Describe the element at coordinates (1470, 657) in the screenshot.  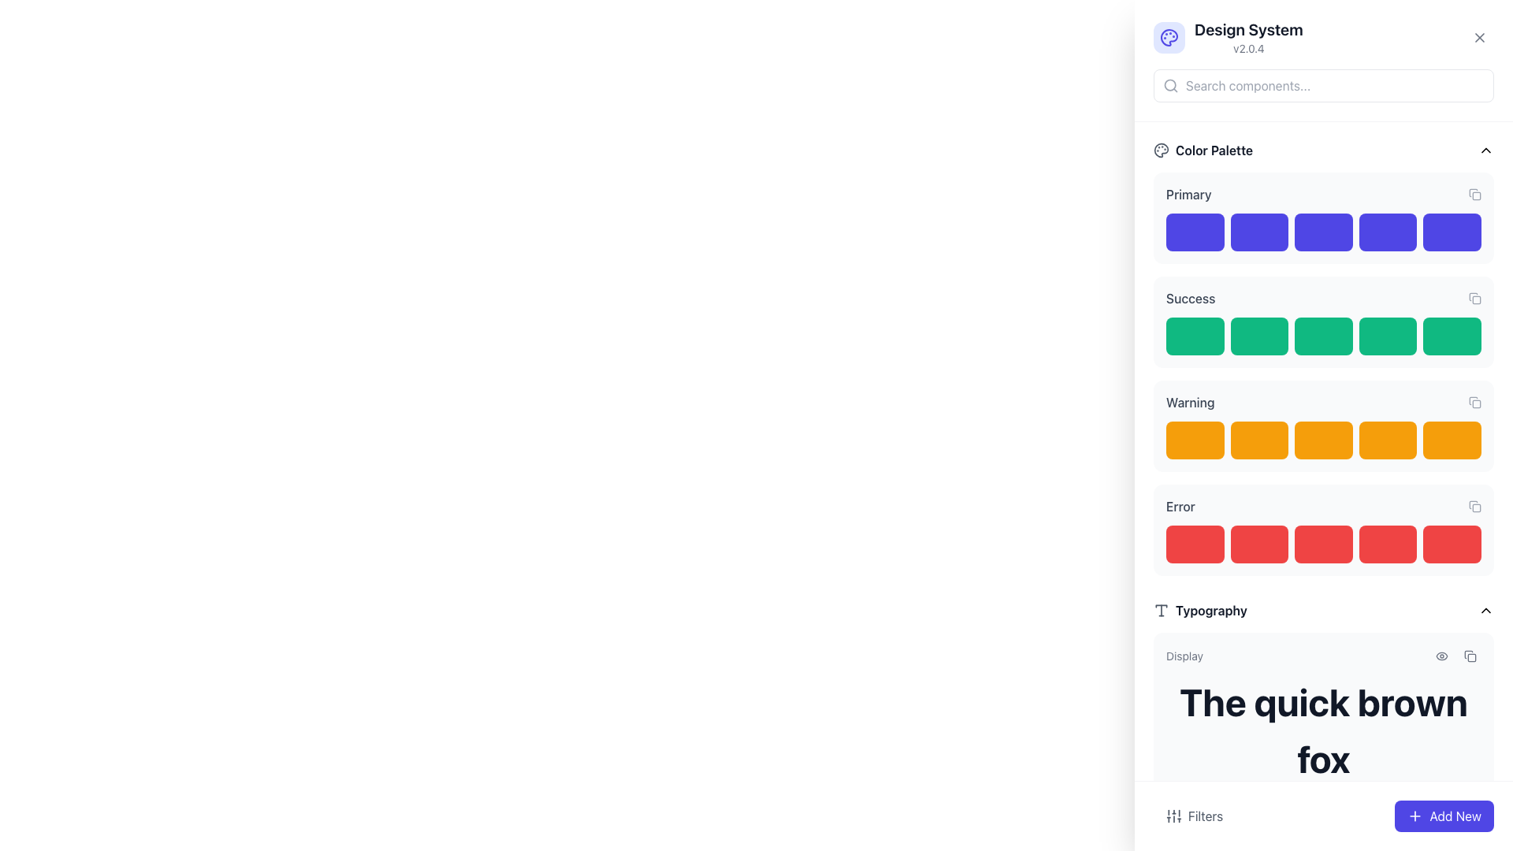
I see `styling or properties of the copy icon located next to the 'Display' section heading in the upper-right corner` at that location.